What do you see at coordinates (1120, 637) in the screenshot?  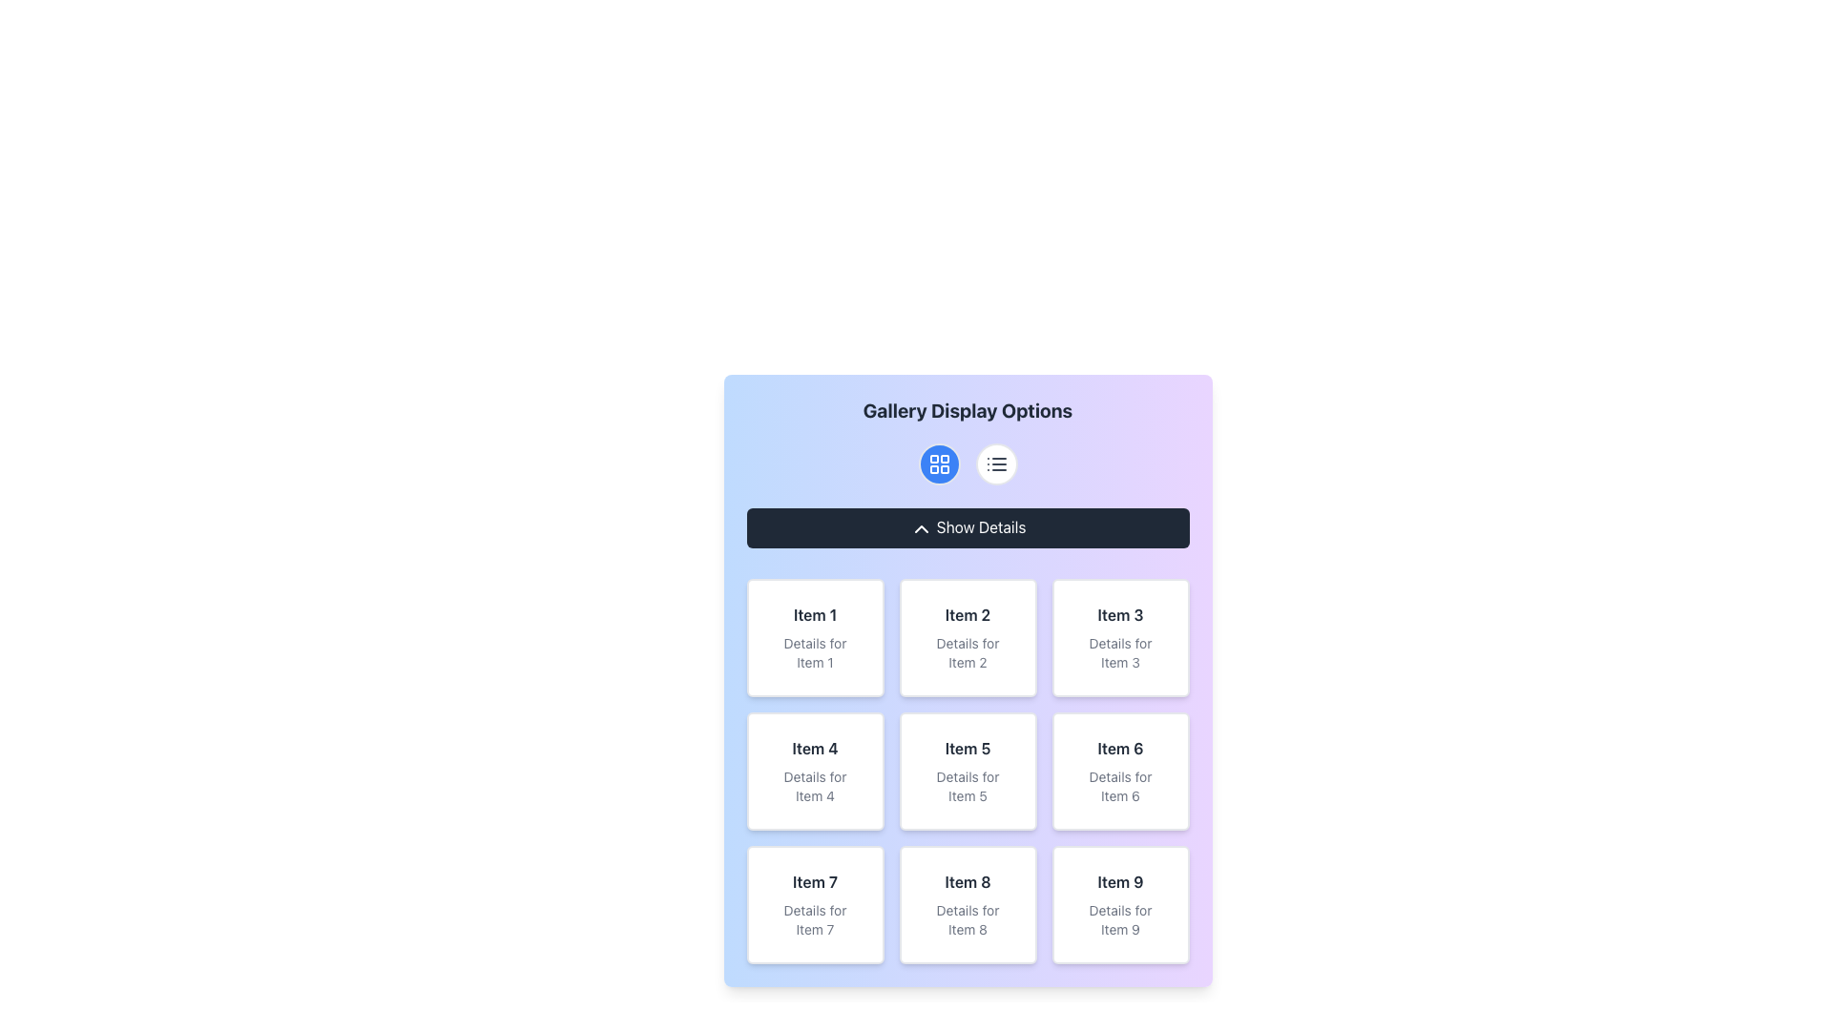 I see `the Card Component displaying 'Item 3' located in the top-right corner of the grid` at bounding box center [1120, 637].